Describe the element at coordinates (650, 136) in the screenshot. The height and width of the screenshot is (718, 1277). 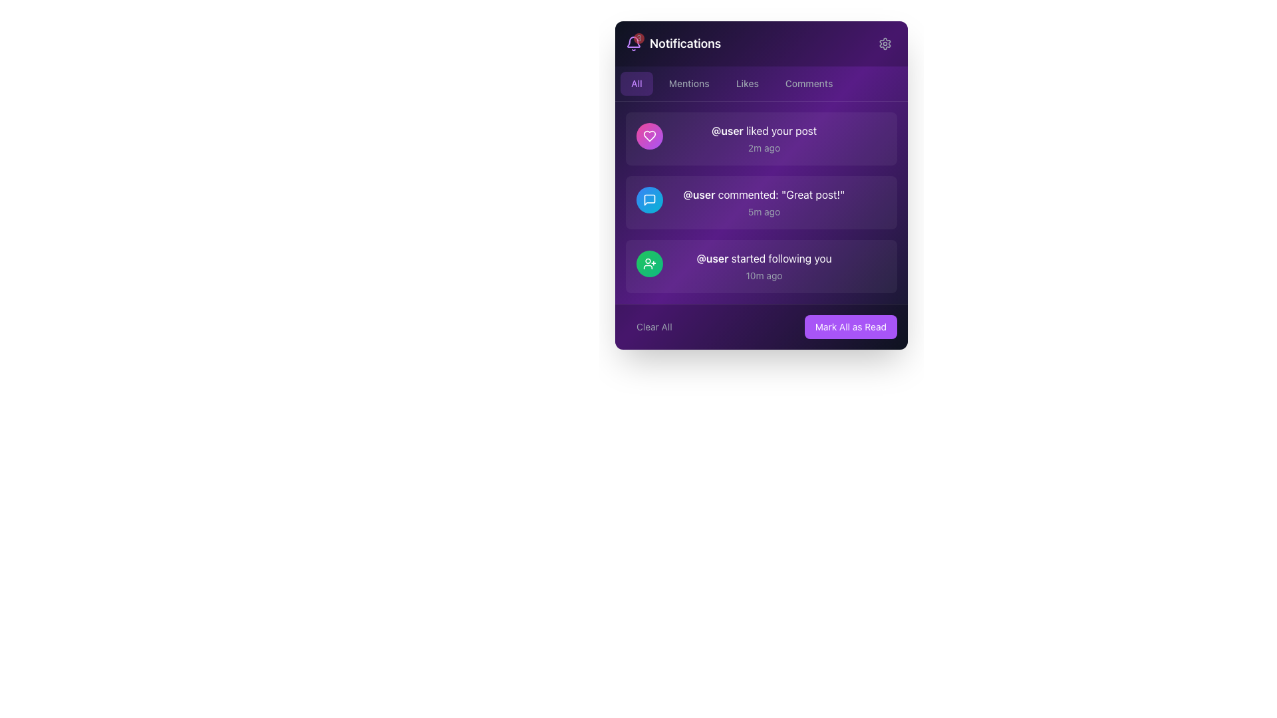
I see `the like notification icon, which is the first element in the notification item row indicating a user liked your post` at that location.